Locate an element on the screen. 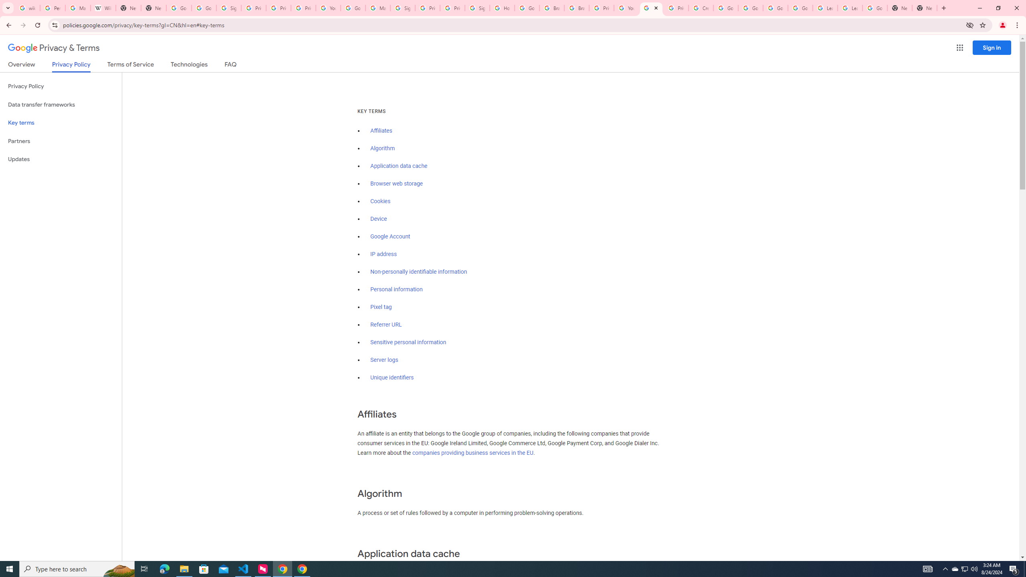 This screenshot has width=1026, height=577. 'Cookies' is located at coordinates (380, 201).